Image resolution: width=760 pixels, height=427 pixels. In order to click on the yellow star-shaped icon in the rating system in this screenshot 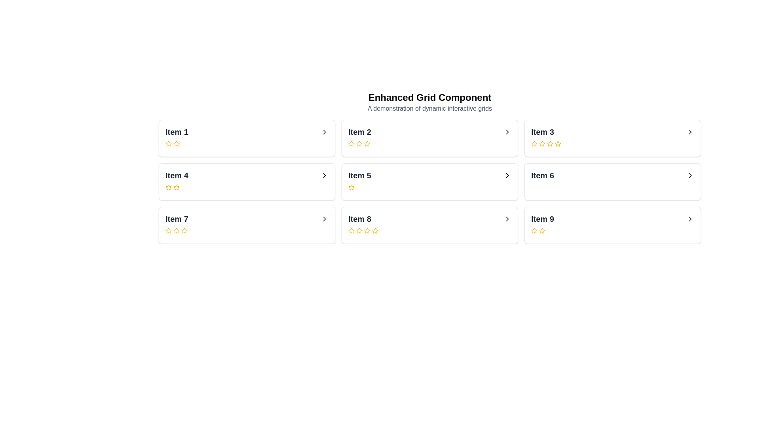, I will do `click(541, 143)`.